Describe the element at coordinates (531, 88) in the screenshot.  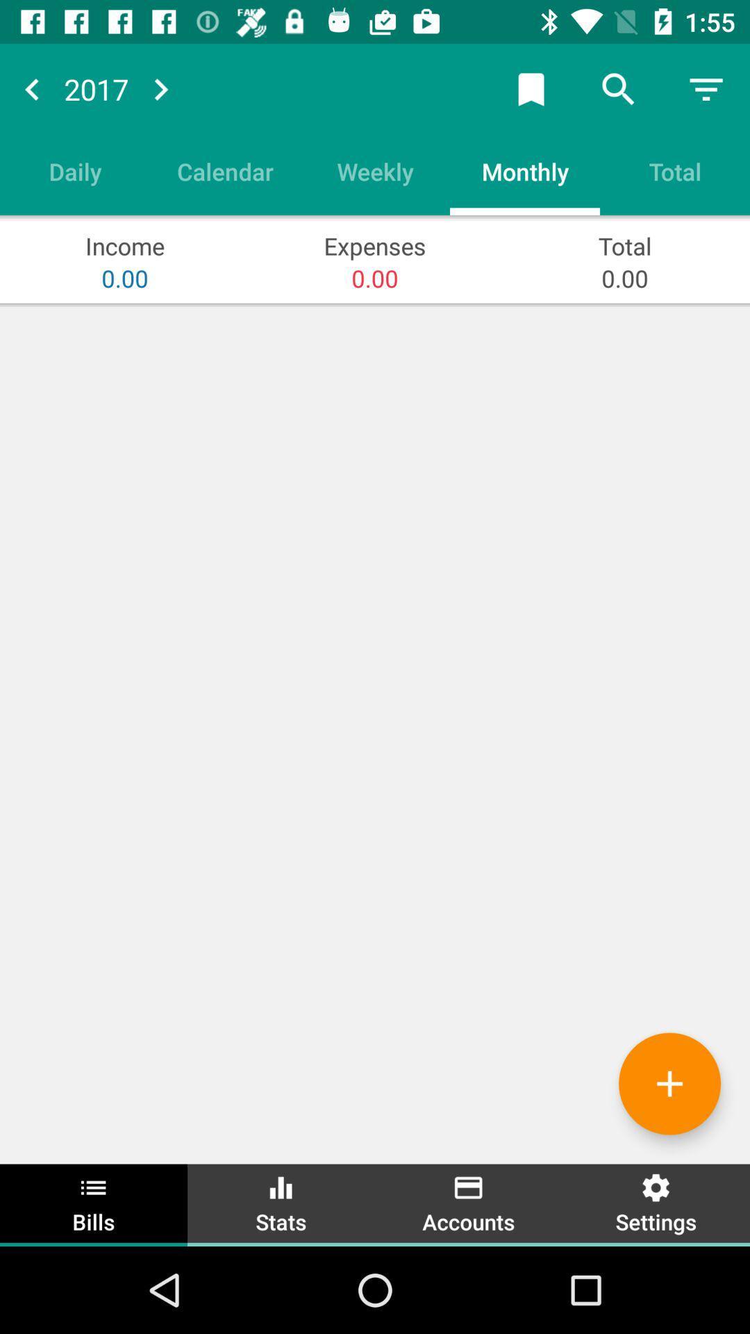
I see `the bookmark icon` at that location.